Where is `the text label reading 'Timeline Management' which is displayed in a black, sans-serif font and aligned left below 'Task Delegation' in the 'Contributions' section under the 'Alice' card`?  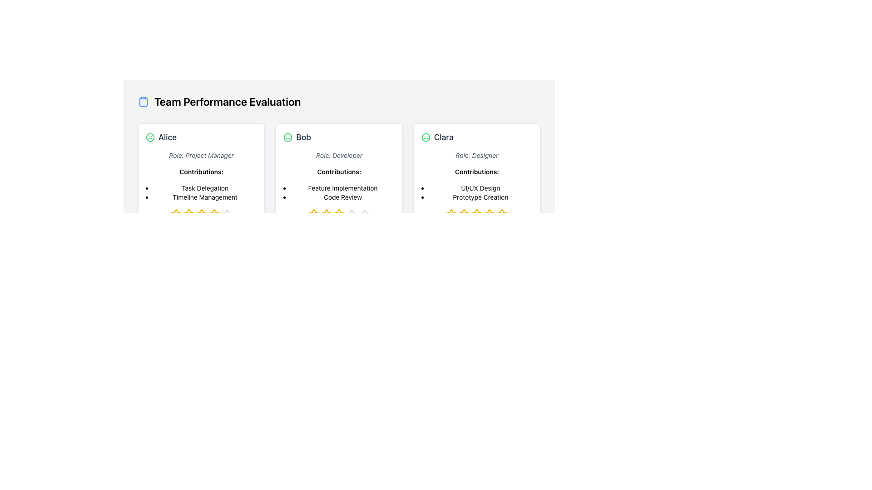 the text label reading 'Timeline Management' which is displayed in a black, sans-serif font and aligned left below 'Task Delegation' in the 'Contributions' section under the 'Alice' card is located at coordinates (204, 197).